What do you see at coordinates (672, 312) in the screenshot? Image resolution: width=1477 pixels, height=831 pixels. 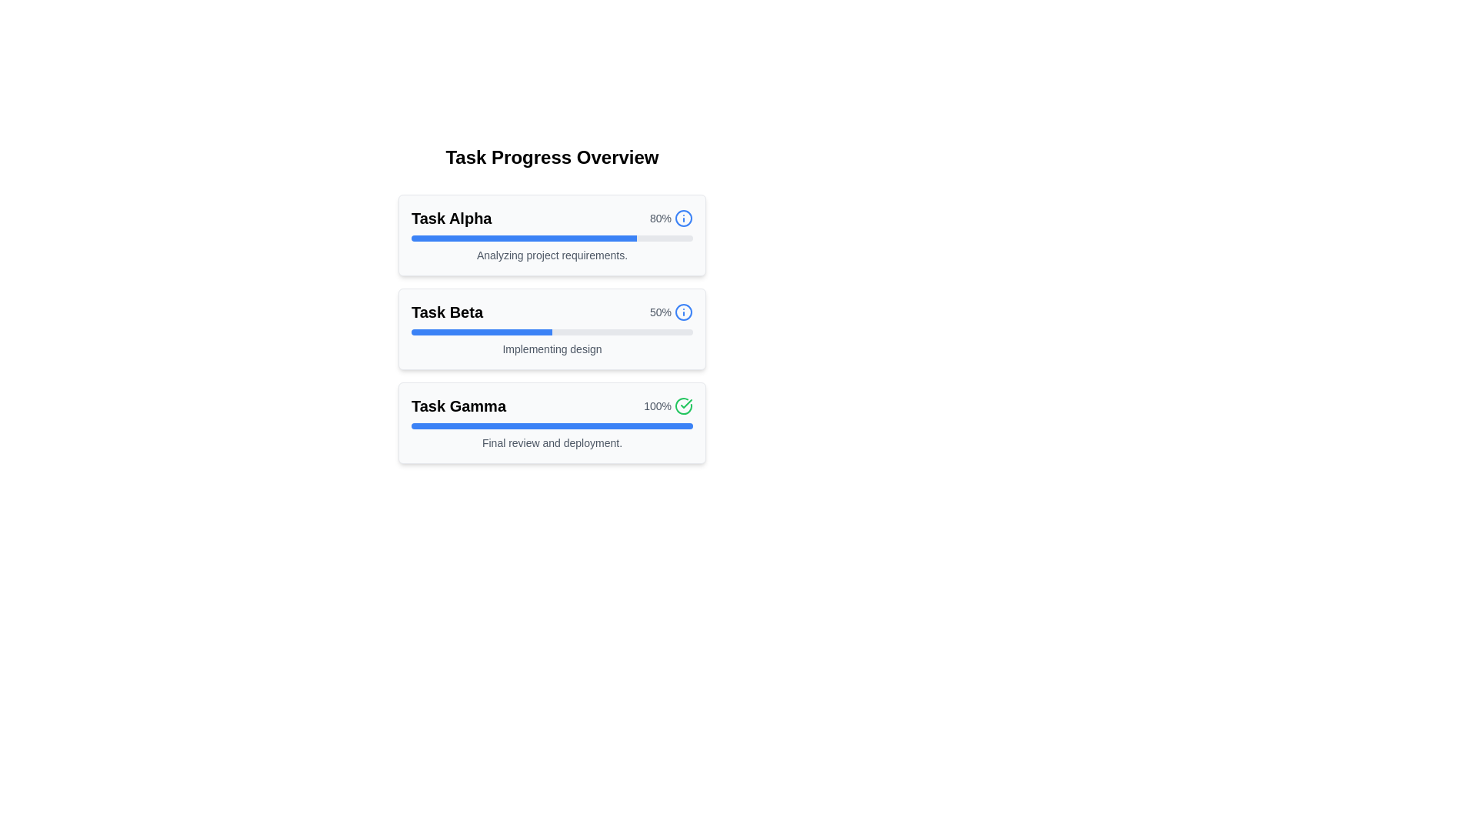 I see `the progress indicator for 'Task Beta'` at bounding box center [672, 312].